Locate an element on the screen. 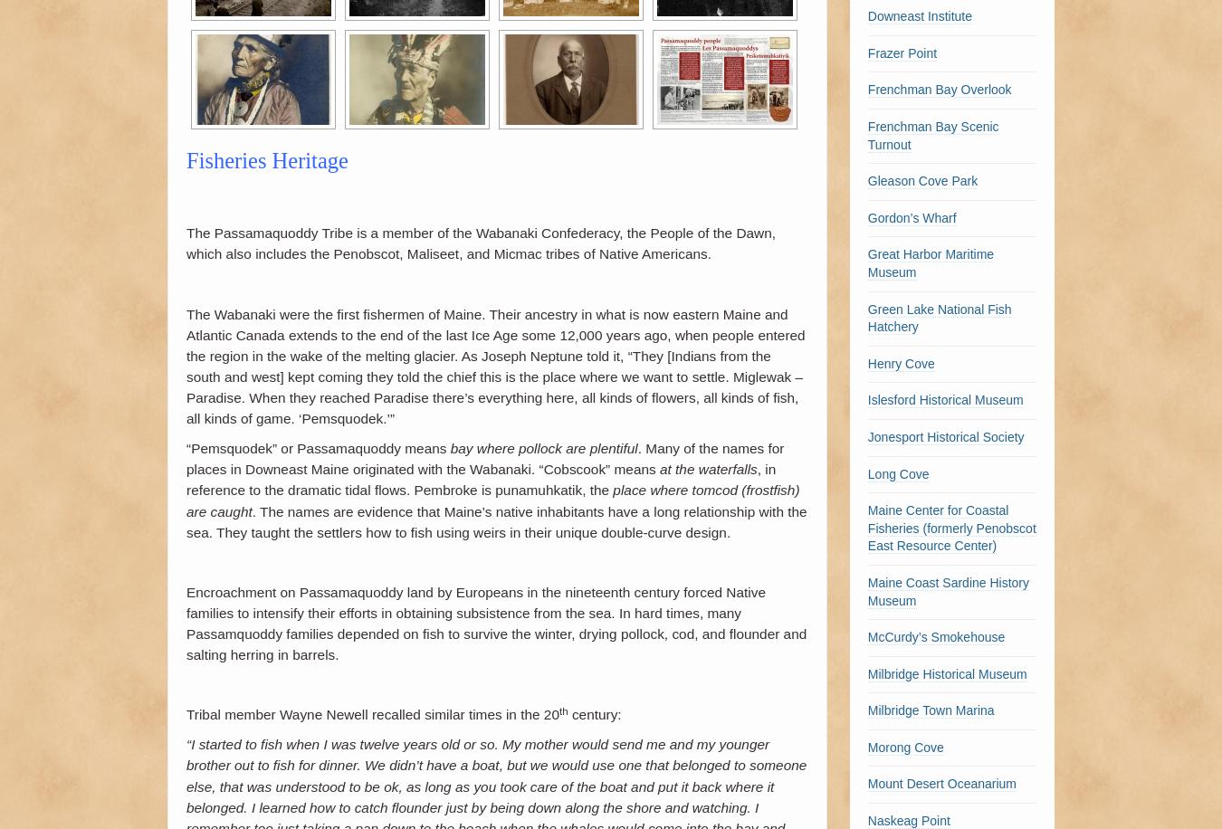 The image size is (1222, 829). 'The Passamaquoddy Tribe is a member of the Wabanaki Confederacy, the People of the Dawn, which also includes the Penobscot, Maliseet, and Micmac tribes of Native Americans.' is located at coordinates (480, 243).